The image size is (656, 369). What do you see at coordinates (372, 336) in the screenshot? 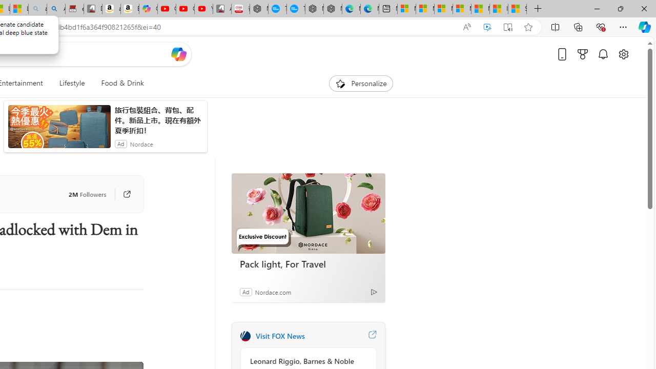
I see `'Visit FOX News website'` at bounding box center [372, 336].